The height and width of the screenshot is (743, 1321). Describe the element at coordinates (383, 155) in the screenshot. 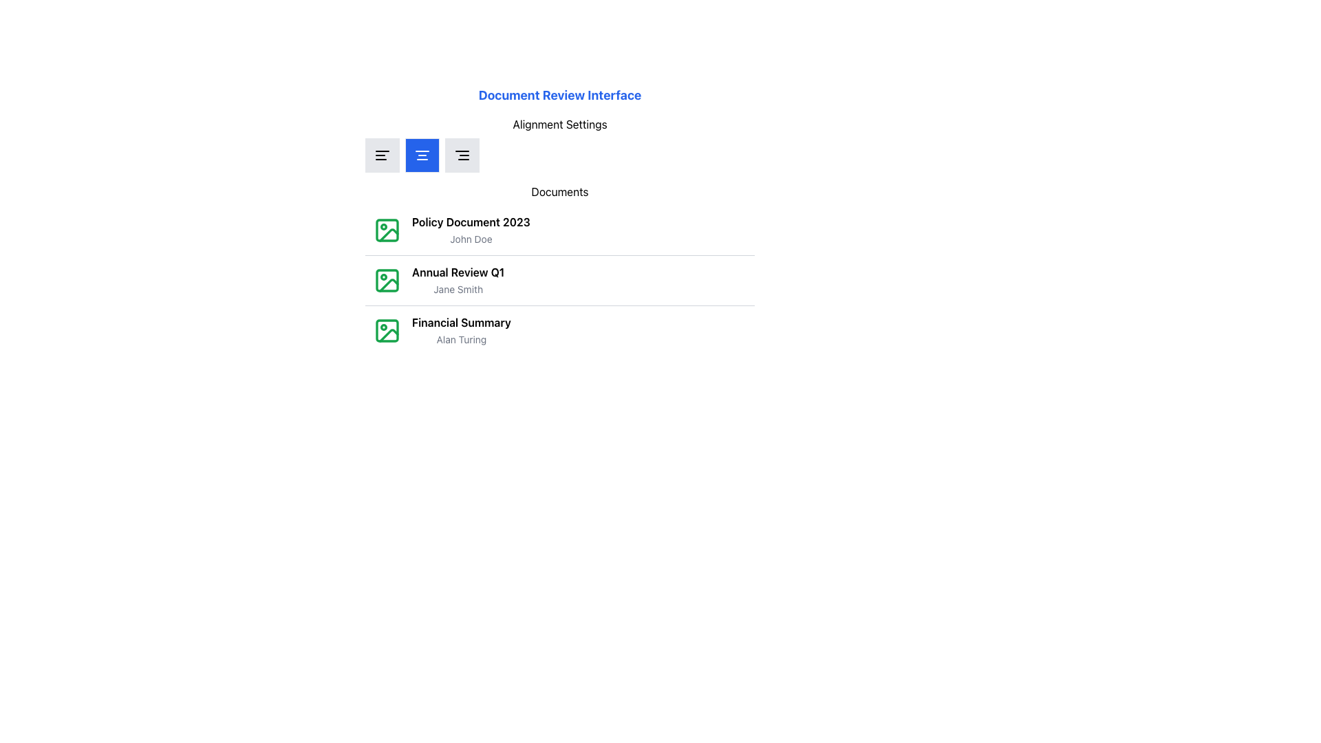

I see `the first icon representing left text alignment in the alignment options` at that location.